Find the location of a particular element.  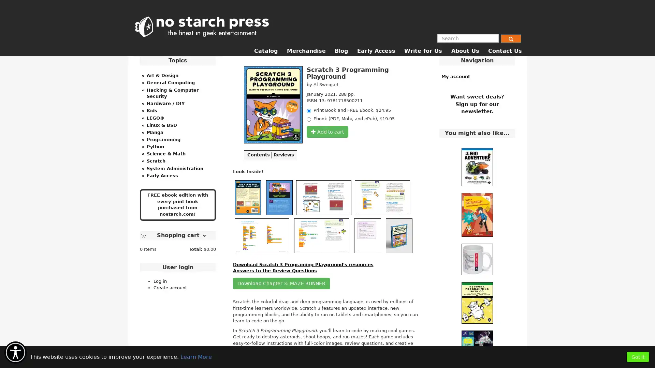

Got It is located at coordinates (638, 356).